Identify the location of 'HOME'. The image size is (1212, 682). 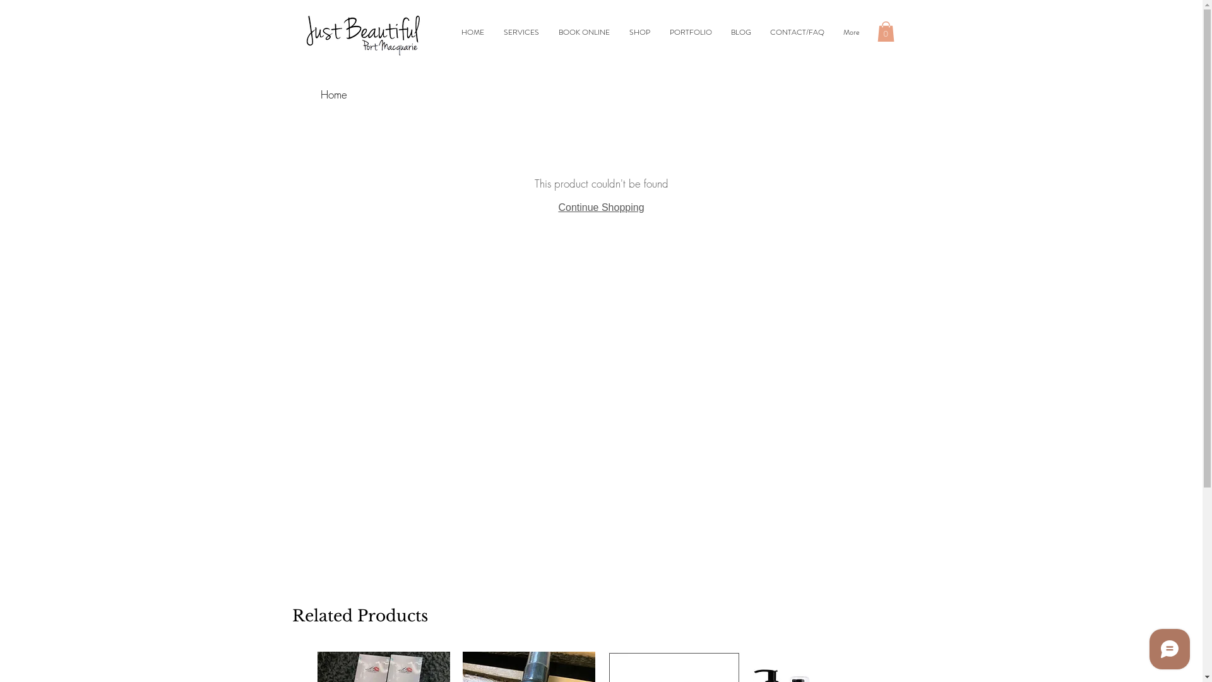
(472, 31).